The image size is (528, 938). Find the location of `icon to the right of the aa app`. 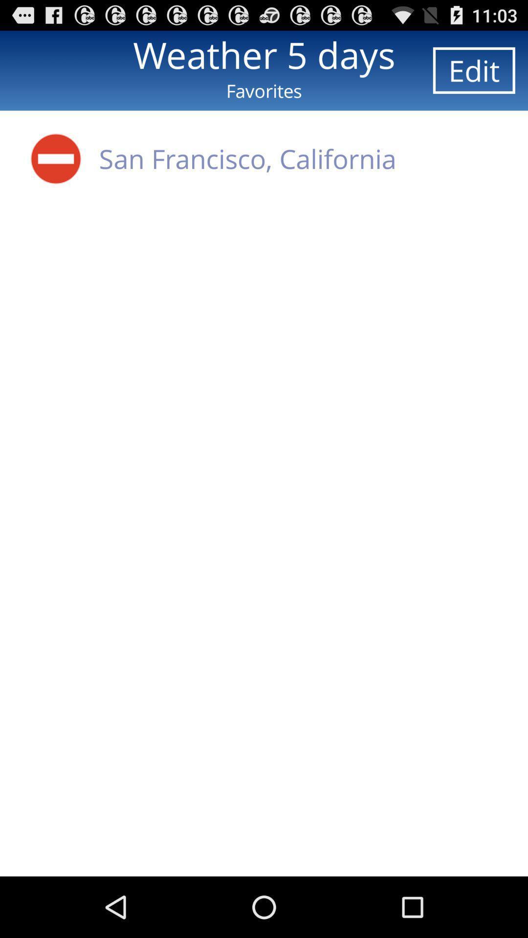

icon to the right of the aa app is located at coordinates (247, 158).